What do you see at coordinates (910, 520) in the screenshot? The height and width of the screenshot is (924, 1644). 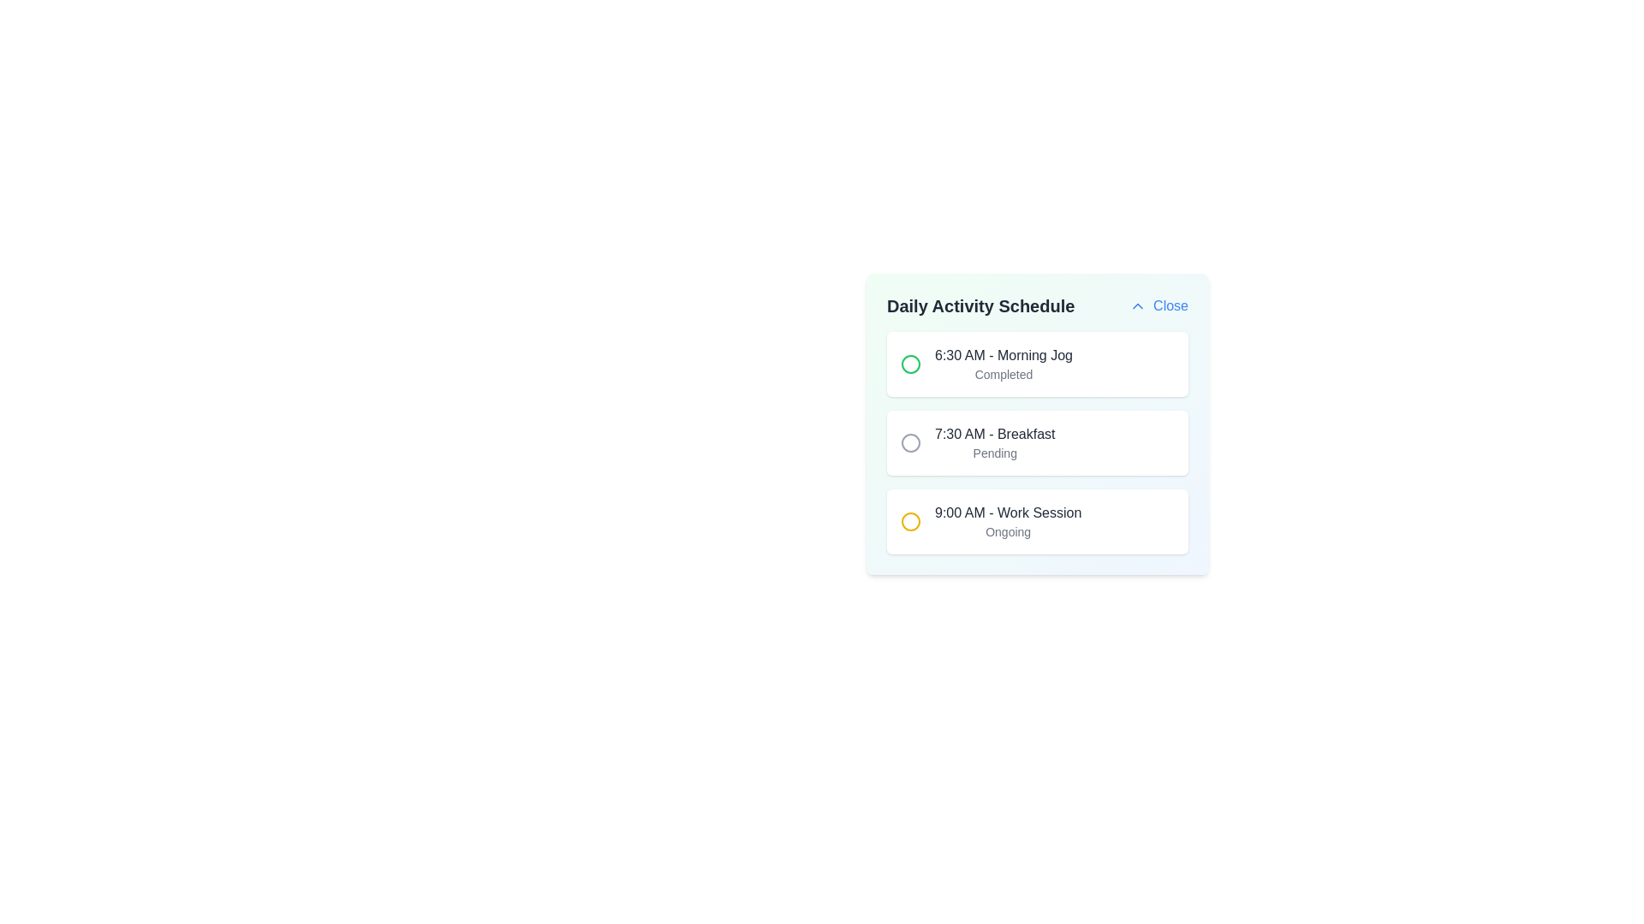 I see `the SVG circle graphic that indicates the current status of the '9:00 AM - Work Session' in the daily activities list` at bounding box center [910, 520].